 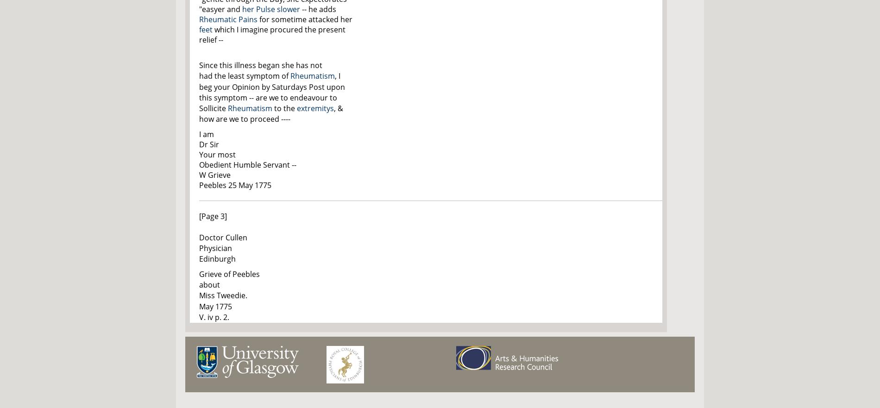 What do you see at coordinates (208, 144) in the screenshot?
I see `'Dr Sir'` at bounding box center [208, 144].